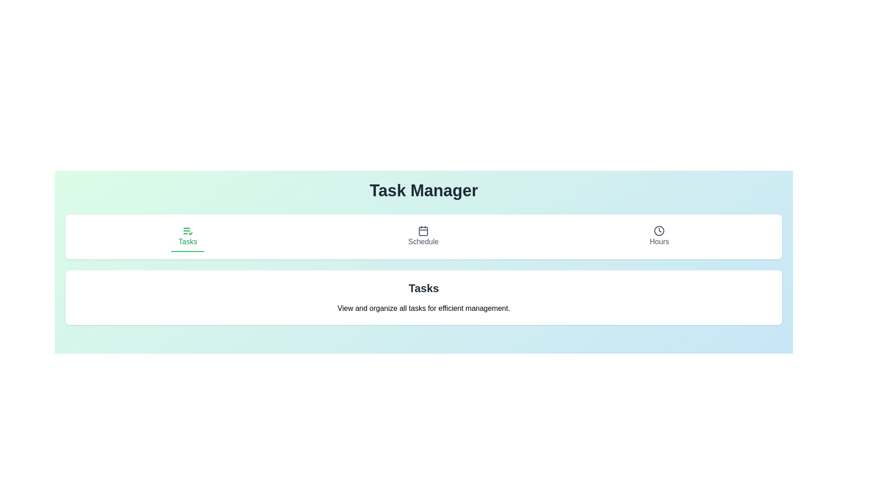 Image resolution: width=876 pixels, height=493 pixels. I want to click on the green 'Tasks' button with a checklist icon located on the leftmost side of the options bar, so click(187, 236).